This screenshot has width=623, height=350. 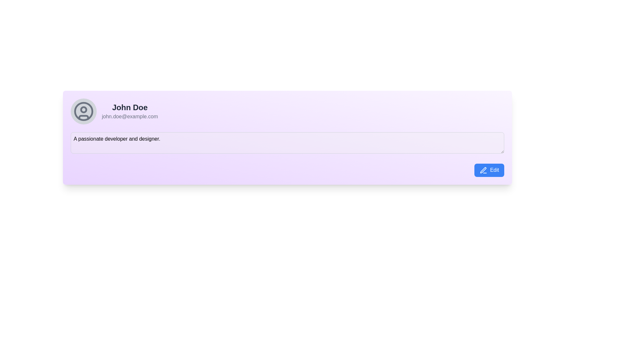 What do you see at coordinates (489, 170) in the screenshot?
I see `the 'Edit' button with a blue background and white text, located at the bottom right corner of the user profile details section` at bounding box center [489, 170].